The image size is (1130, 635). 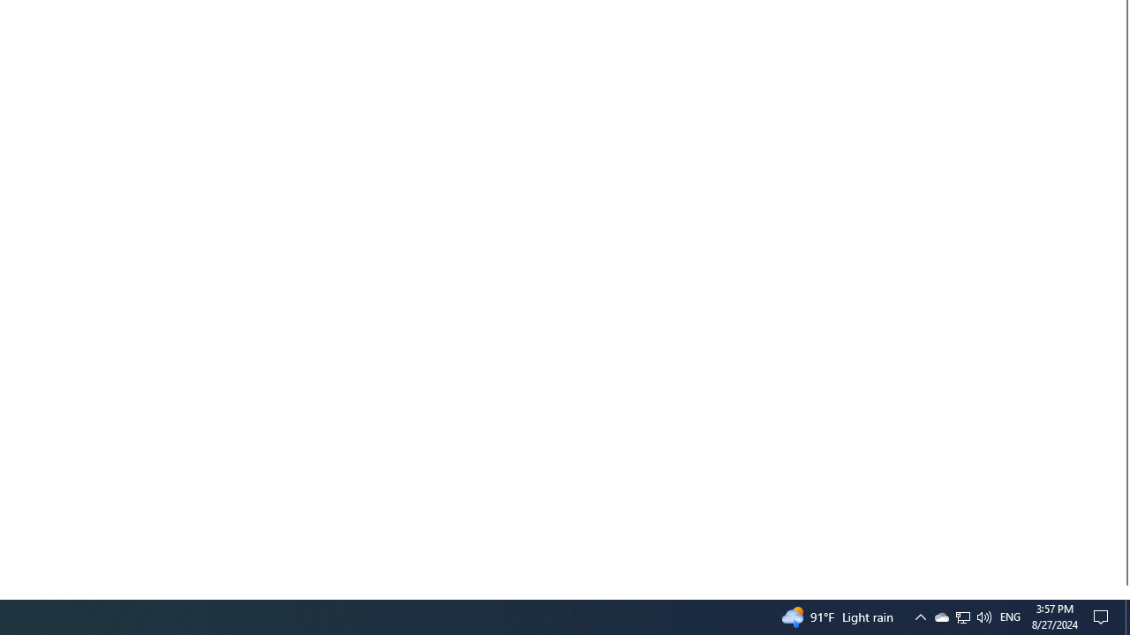 I want to click on 'Notification Chevron', so click(x=940, y=616).